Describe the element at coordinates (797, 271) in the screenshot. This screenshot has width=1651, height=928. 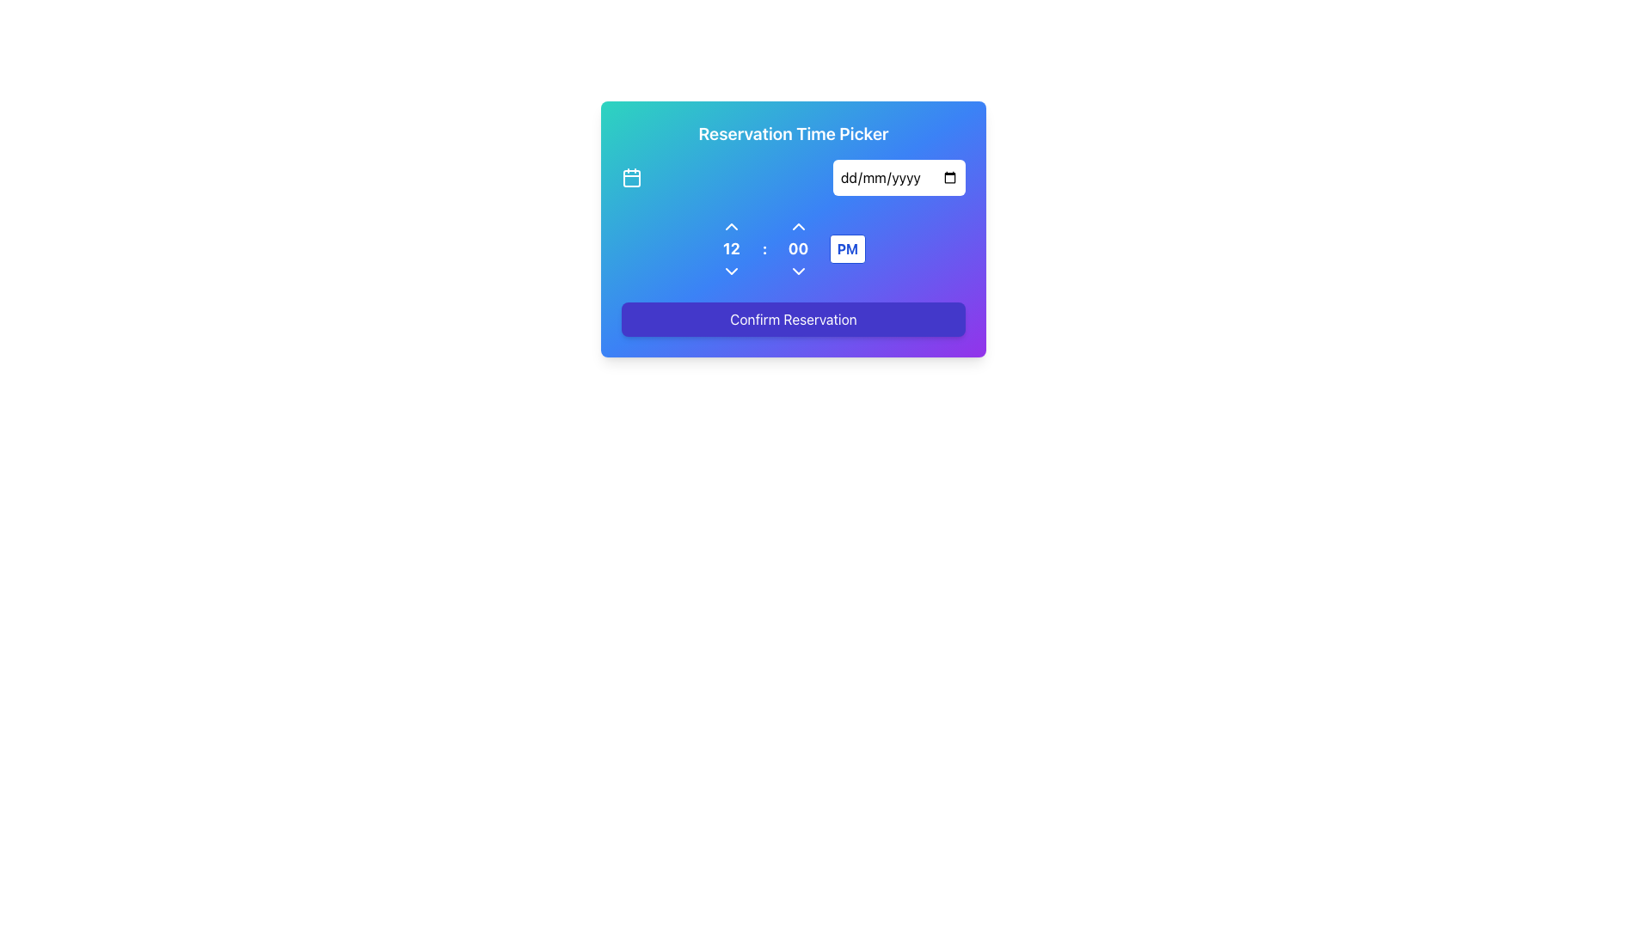
I see `the button that decreases the displayed minutes in the time picker widget, located directly below the white bold '00' and symmetrically under the upward chevron icon` at that location.